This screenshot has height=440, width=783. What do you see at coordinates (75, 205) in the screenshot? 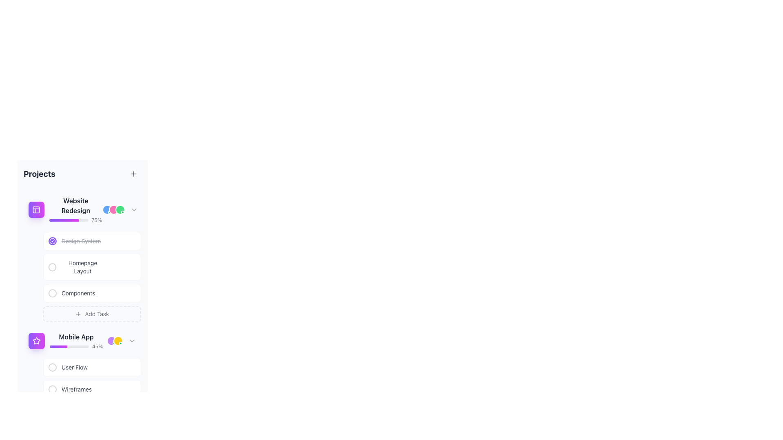
I see `the 'Website Redesign' text label located at the top-left part of the interface` at bounding box center [75, 205].